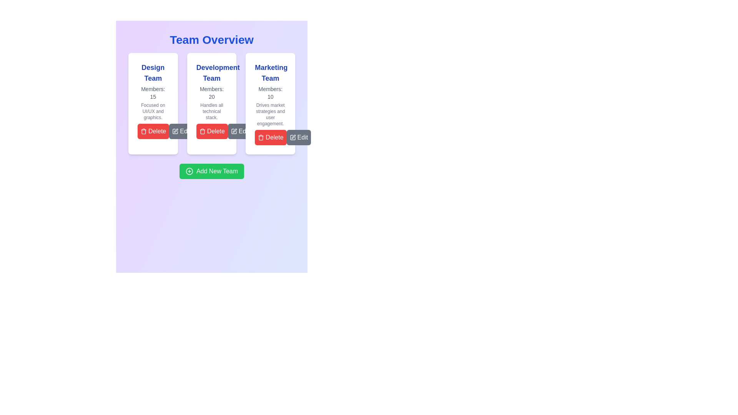 Image resolution: width=738 pixels, height=415 pixels. I want to click on the small pen icon within the 'Edit' button group of the middle card labeled 'Development Team', so click(176, 130).